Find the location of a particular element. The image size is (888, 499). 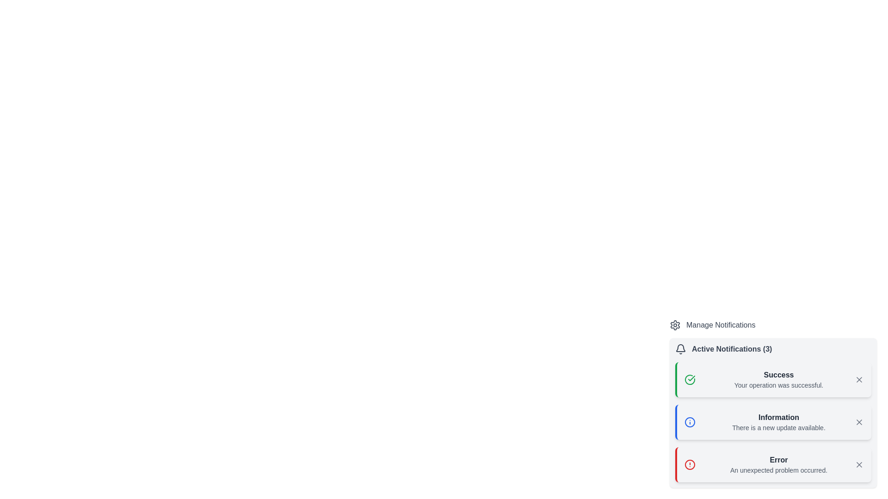

the 'Manage Notifications' text label which is styled in dark gray and appears as a clickable link, located to the right of a gear icon in the top-right corner of the interface is located at coordinates (720, 325).